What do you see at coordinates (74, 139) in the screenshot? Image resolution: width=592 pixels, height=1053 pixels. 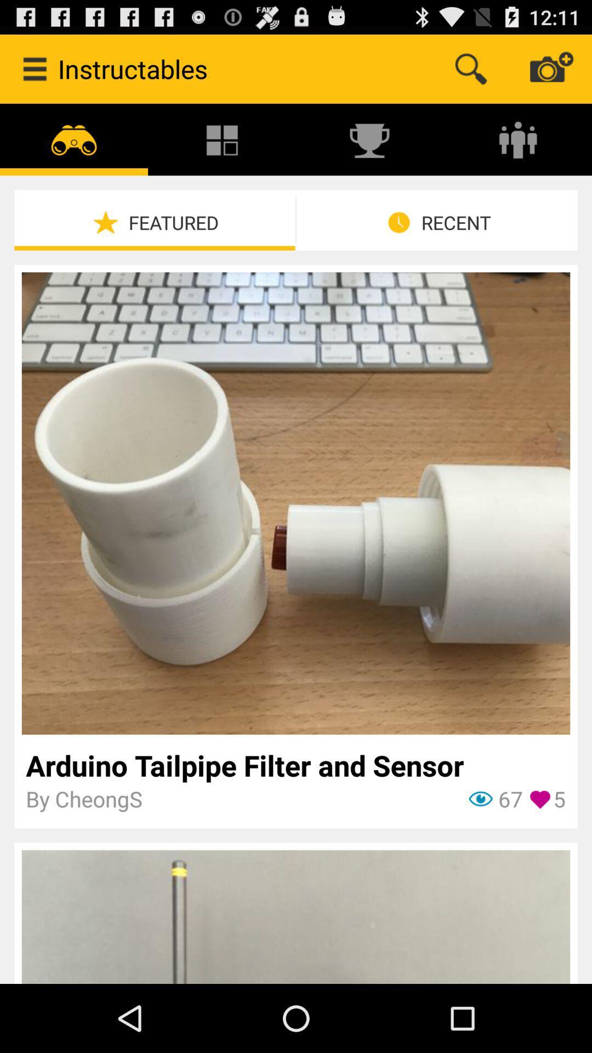 I see `the icon above featured item` at bounding box center [74, 139].